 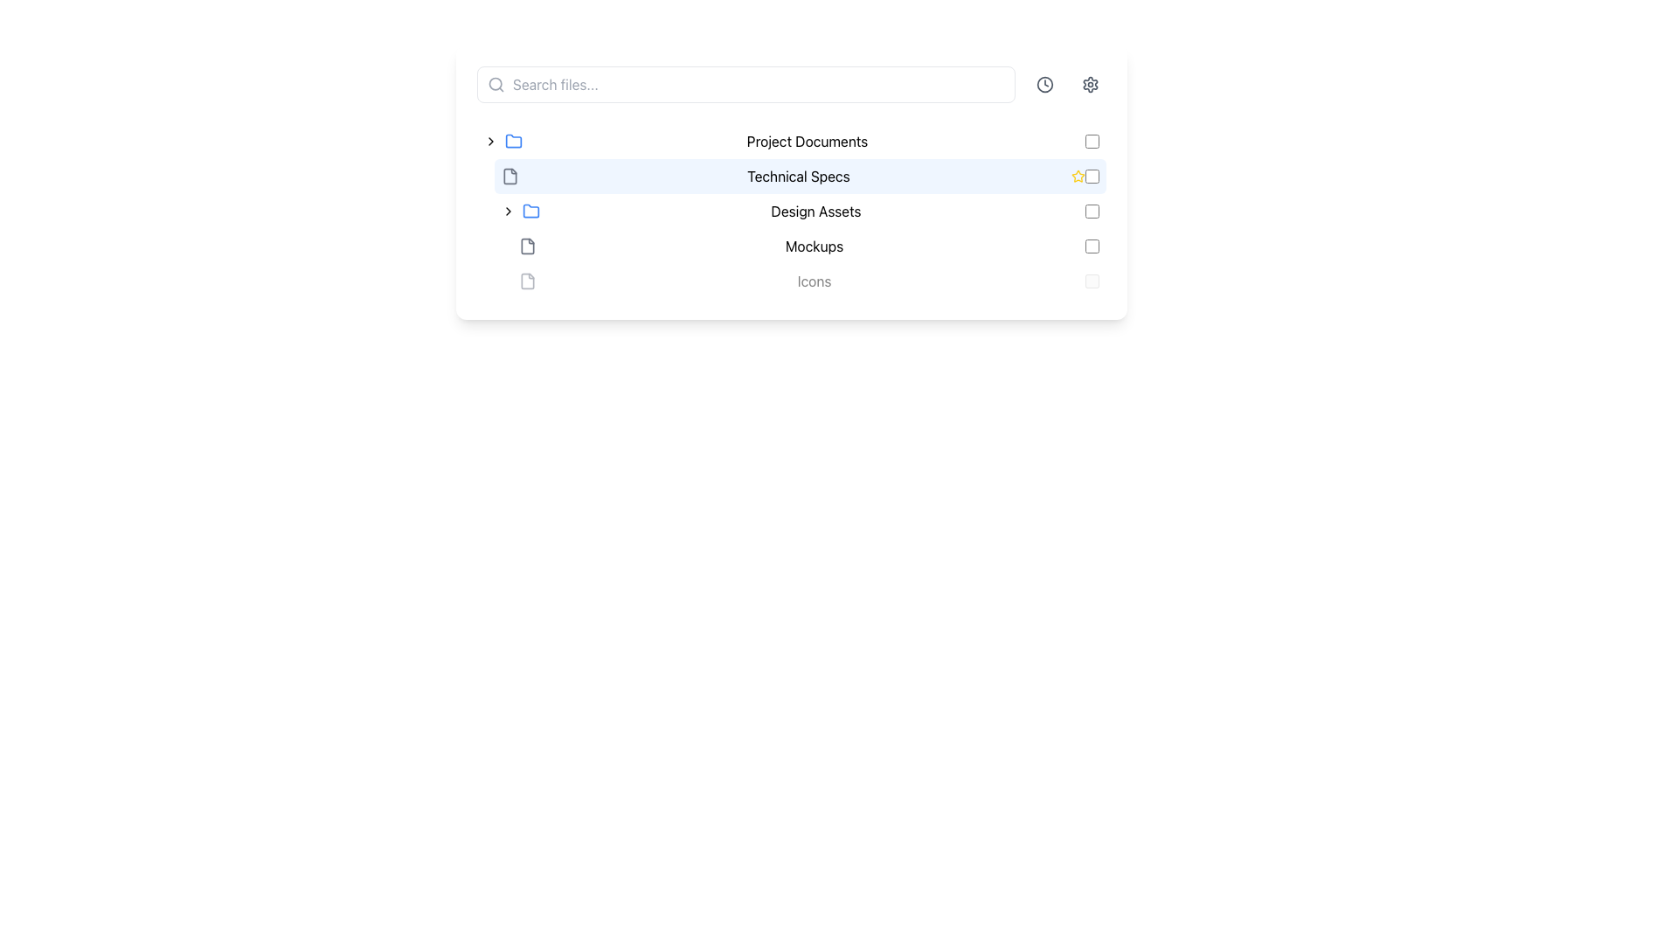 I want to click on the file icon styled with a gray outline, located to the left of the 'Technical Specs' text, so click(x=510, y=176).